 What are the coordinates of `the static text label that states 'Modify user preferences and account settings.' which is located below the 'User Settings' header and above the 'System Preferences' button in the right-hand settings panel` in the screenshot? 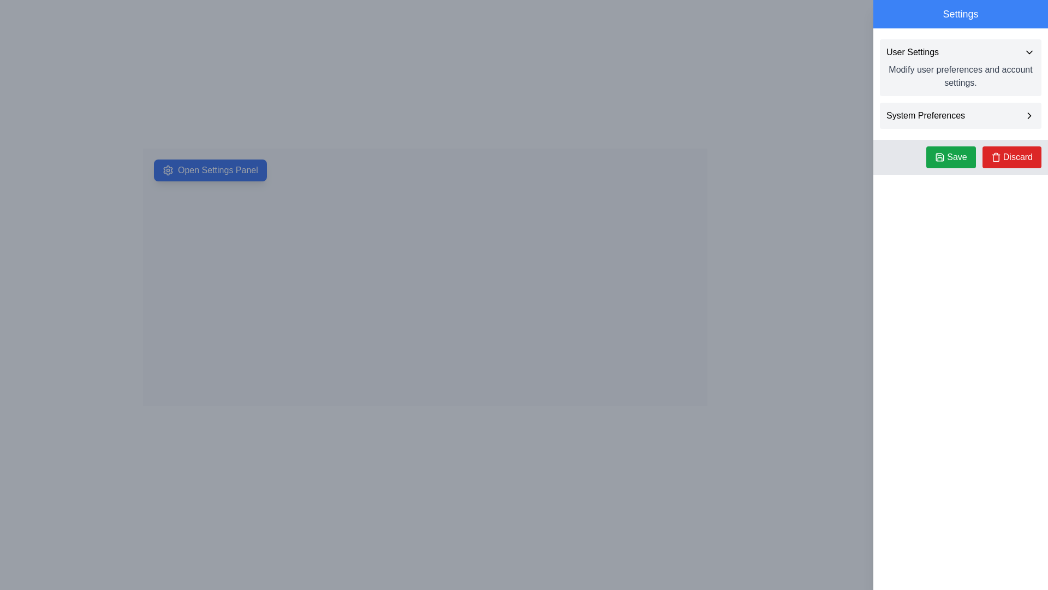 It's located at (961, 75).